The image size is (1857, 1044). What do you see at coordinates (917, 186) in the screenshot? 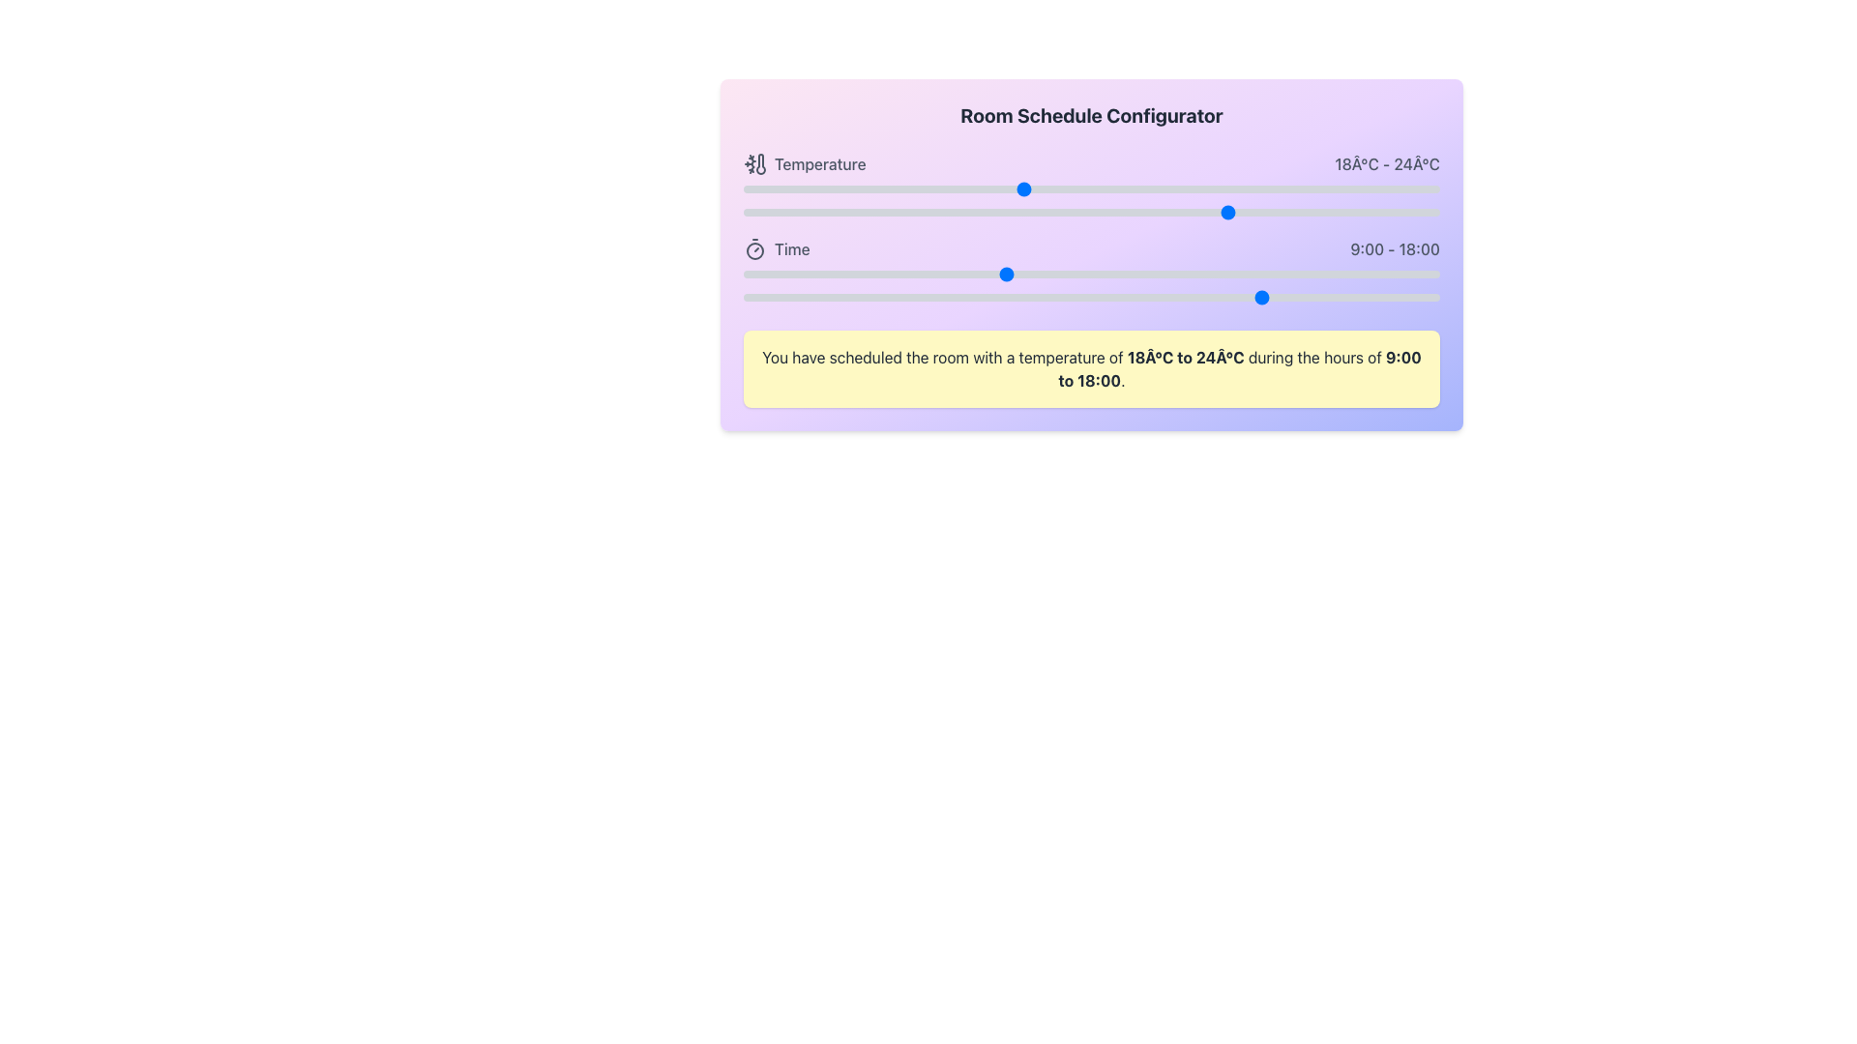
I see `the slider` at bounding box center [917, 186].